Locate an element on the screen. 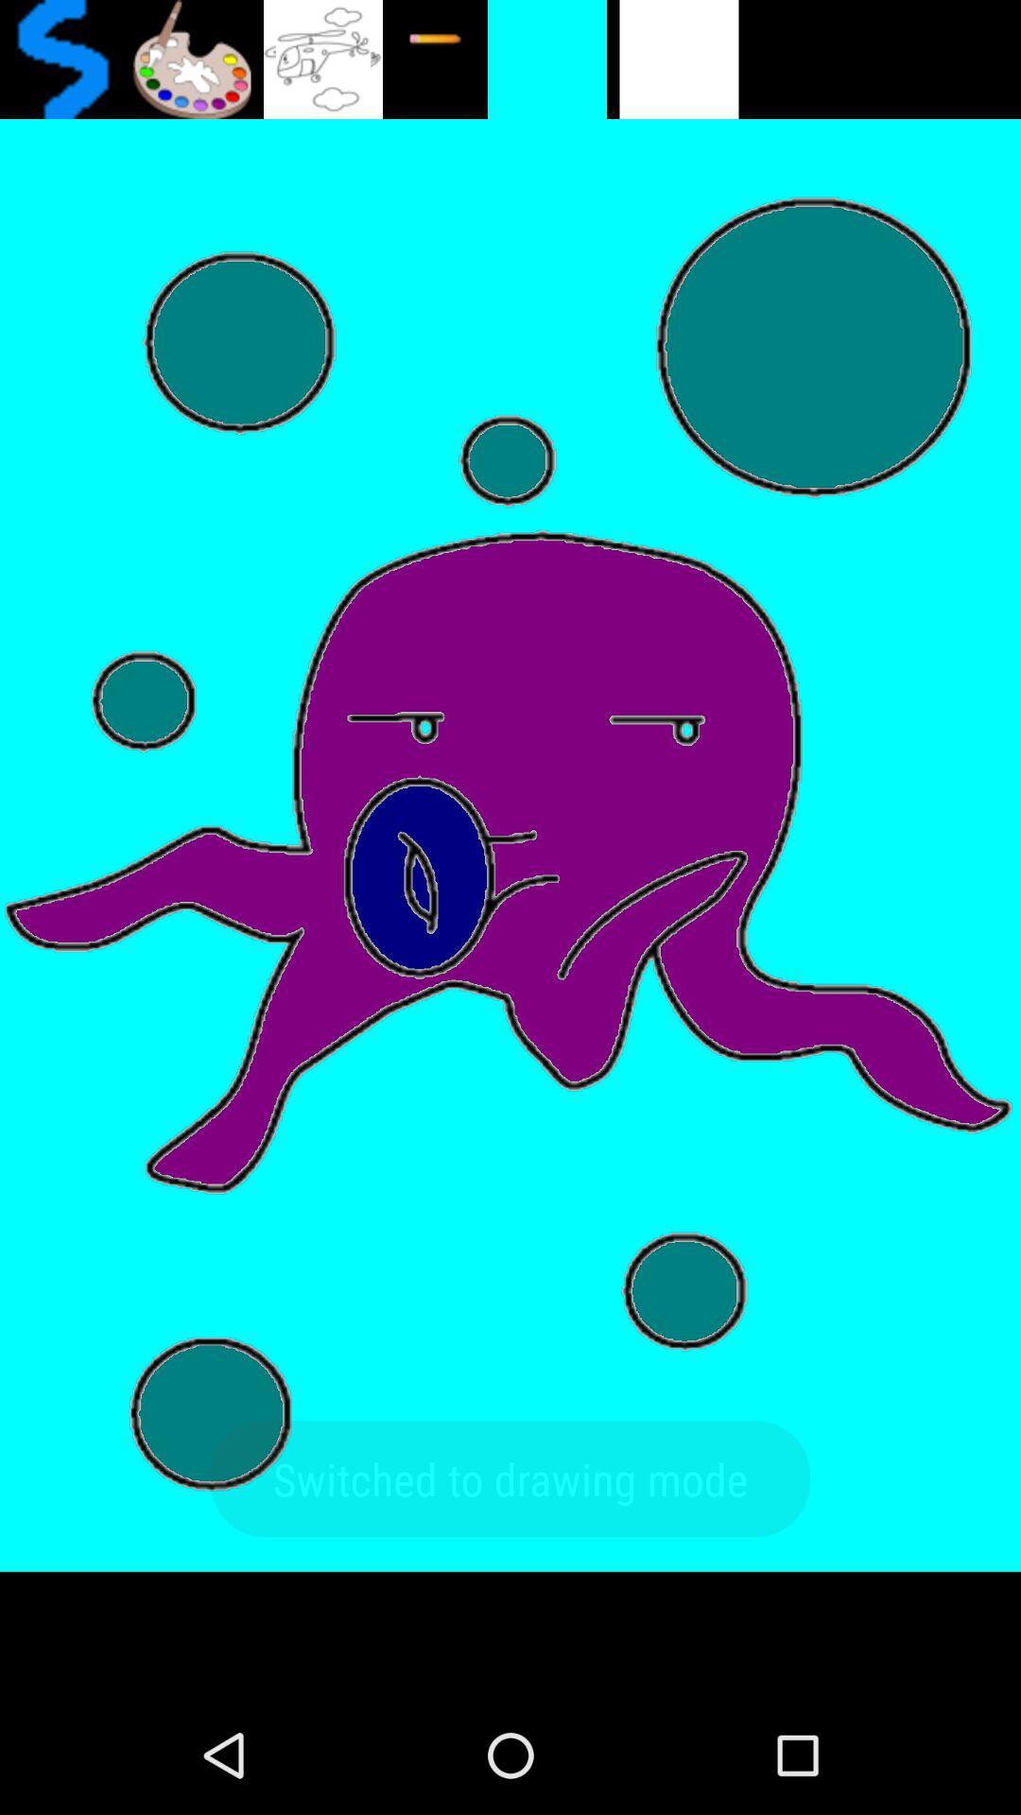  coloring button is located at coordinates (191, 59).